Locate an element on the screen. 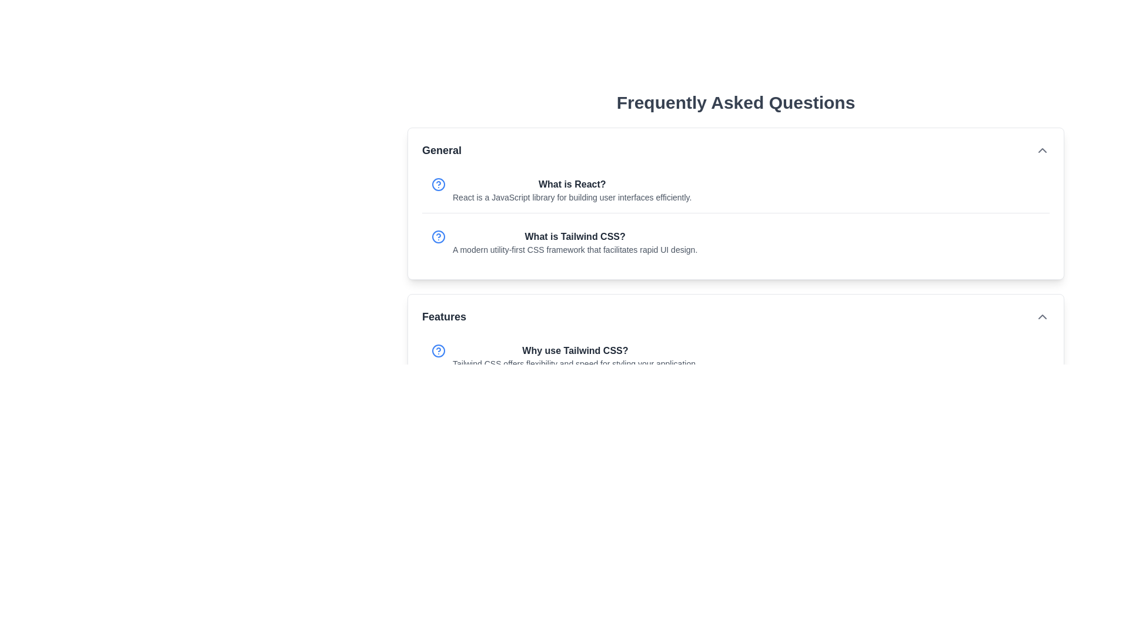 Image resolution: width=1129 pixels, height=635 pixels. the appearance of the circular SVG component located in the 'General' section next to the 'What is Tailwind CSS?' question is located at coordinates (437, 236).